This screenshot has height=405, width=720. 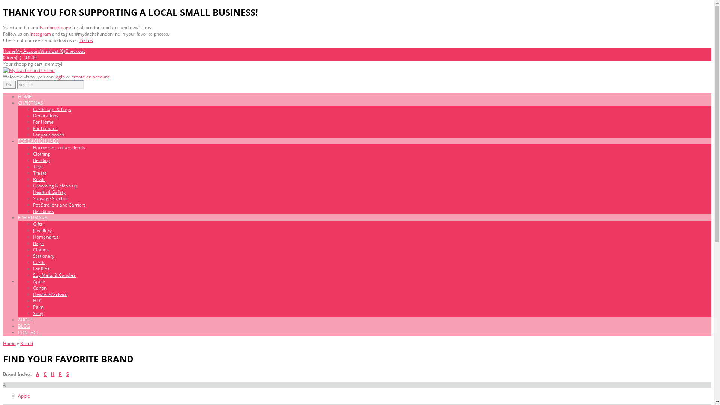 I want to click on 'Hewlett-Packard', so click(x=50, y=294).